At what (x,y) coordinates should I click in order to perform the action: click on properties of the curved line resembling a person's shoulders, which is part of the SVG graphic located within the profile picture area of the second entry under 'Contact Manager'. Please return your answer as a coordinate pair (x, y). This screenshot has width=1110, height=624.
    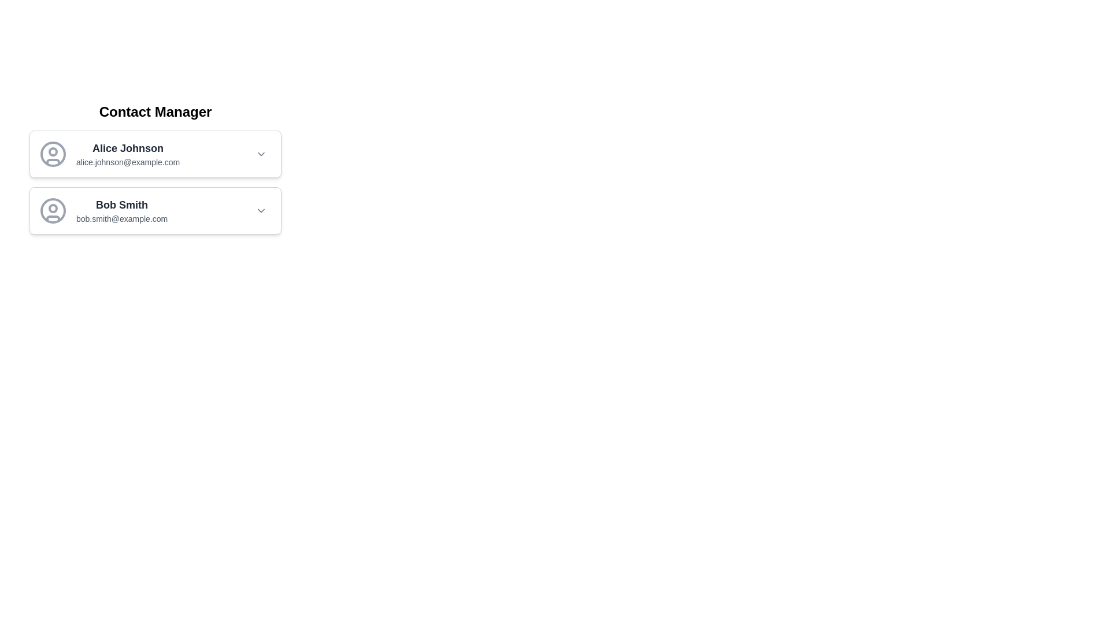
    Looking at the image, I should click on (52, 218).